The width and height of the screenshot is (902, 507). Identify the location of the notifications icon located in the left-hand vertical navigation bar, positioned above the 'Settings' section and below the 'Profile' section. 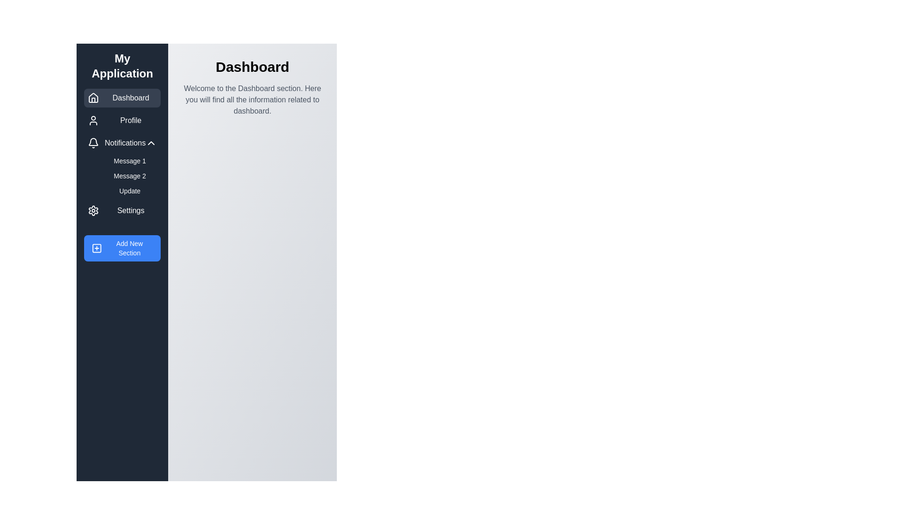
(93, 143).